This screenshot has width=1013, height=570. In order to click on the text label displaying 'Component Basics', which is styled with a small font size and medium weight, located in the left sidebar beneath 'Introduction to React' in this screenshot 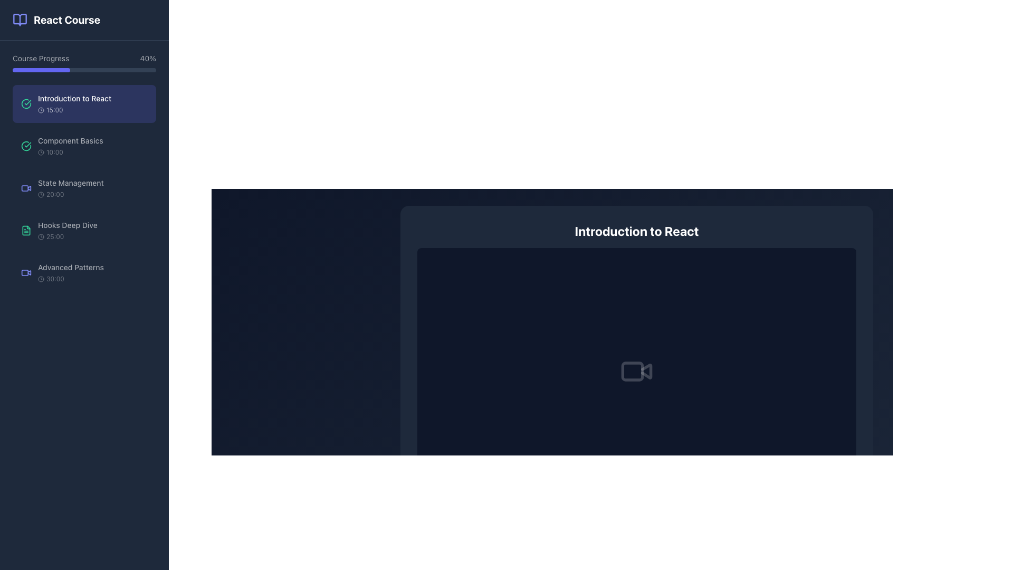, I will do `click(93, 140)`.